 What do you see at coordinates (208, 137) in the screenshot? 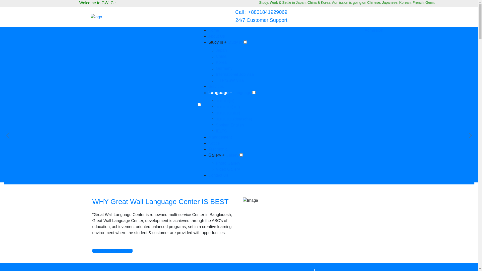
I see `'Management'` at bounding box center [208, 137].